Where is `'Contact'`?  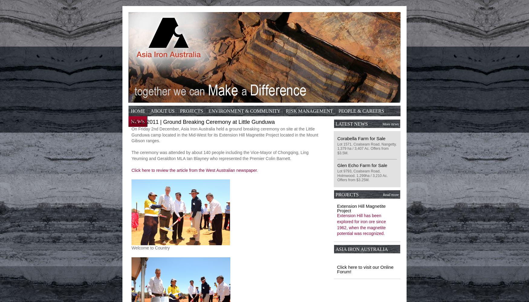
'Contact' is located at coordinates (161, 121).